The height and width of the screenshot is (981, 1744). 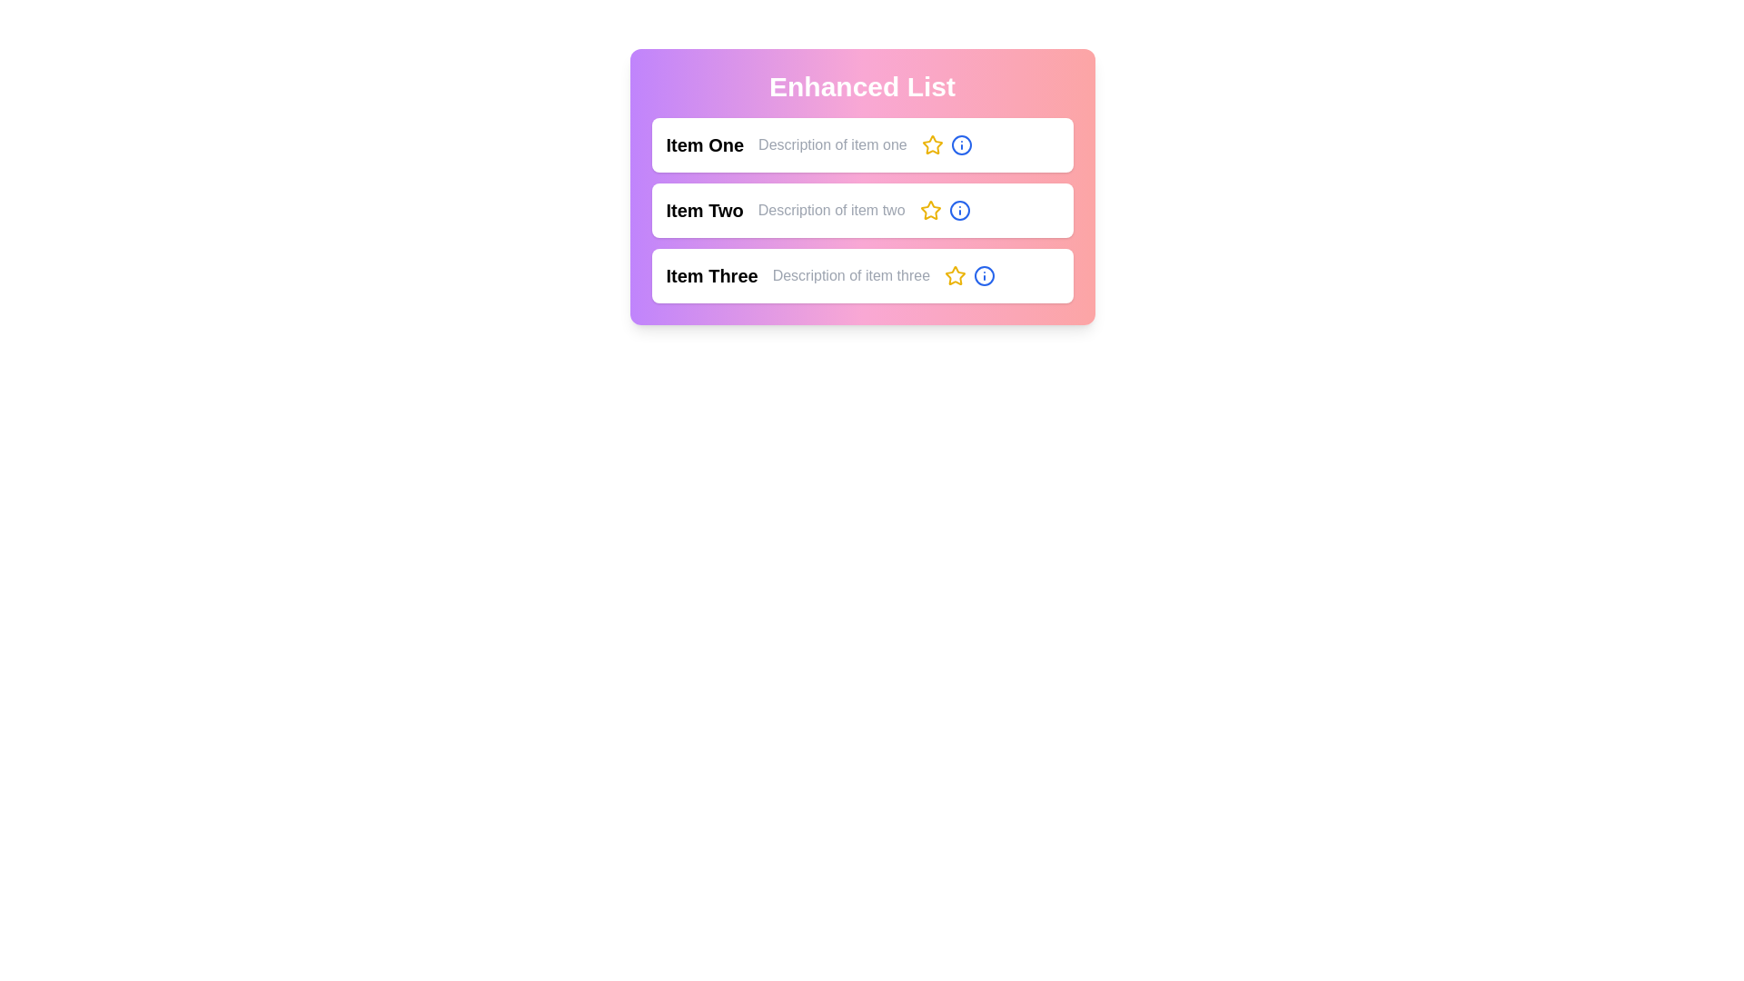 What do you see at coordinates (704, 209) in the screenshot?
I see `the title of item Item Two to visually interact with it` at bounding box center [704, 209].